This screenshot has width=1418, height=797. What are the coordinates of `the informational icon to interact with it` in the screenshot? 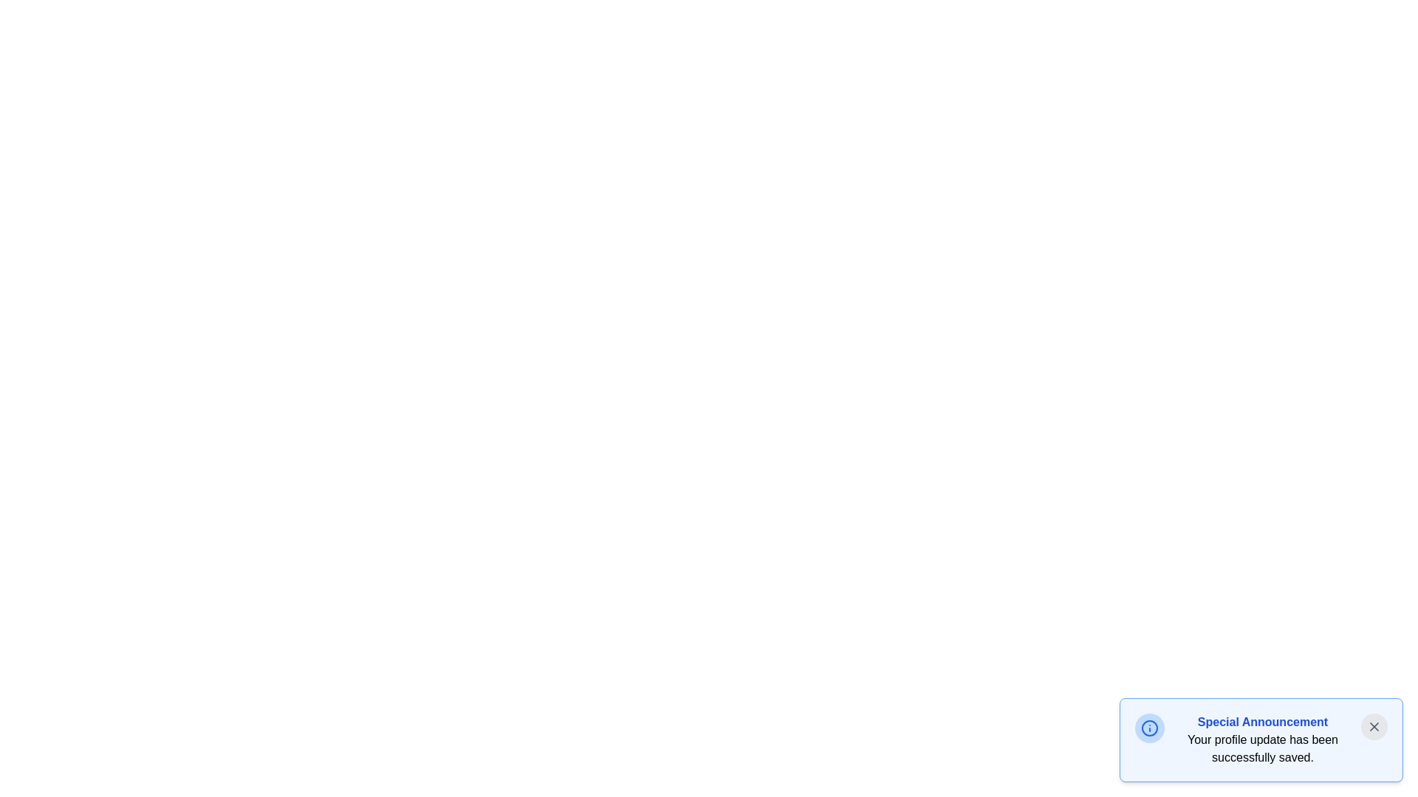 It's located at (1148, 728).